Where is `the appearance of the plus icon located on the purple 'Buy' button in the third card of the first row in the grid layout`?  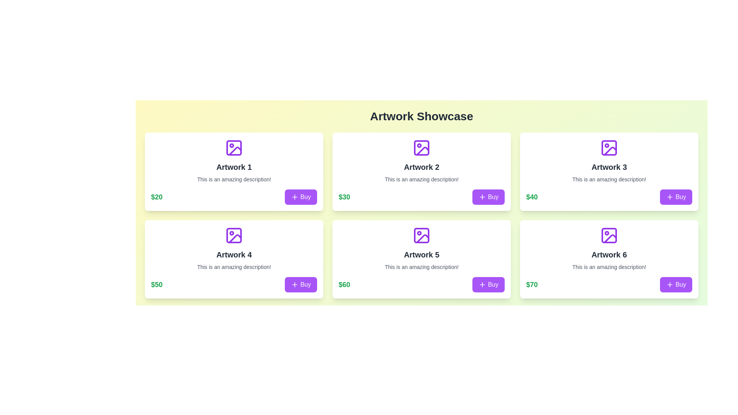 the appearance of the plus icon located on the purple 'Buy' button in the third card of the first row in the grid layout is located at coordinates (670, 197).